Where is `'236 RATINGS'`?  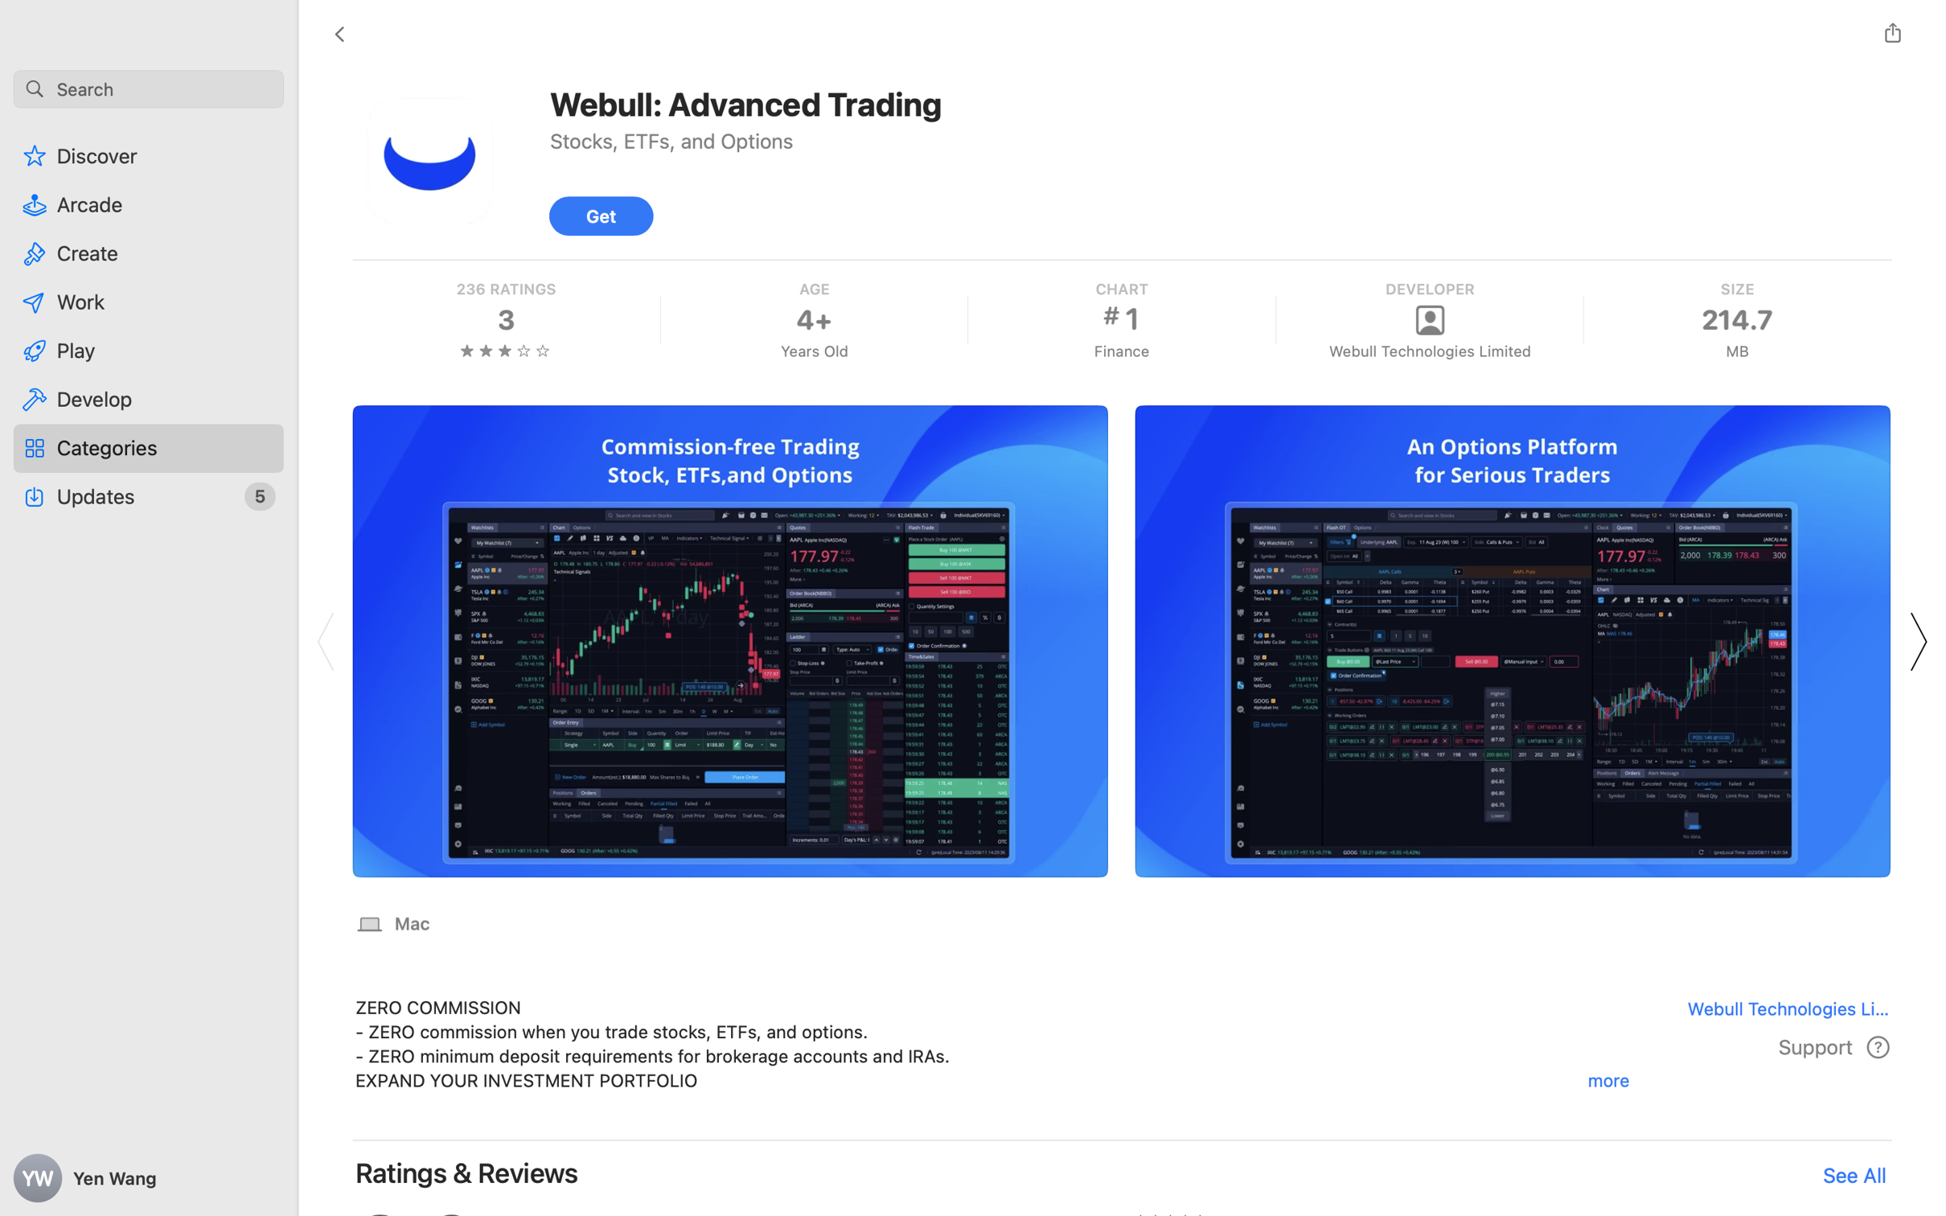
'236 RATINGS' is located at coordinates (506, 288).